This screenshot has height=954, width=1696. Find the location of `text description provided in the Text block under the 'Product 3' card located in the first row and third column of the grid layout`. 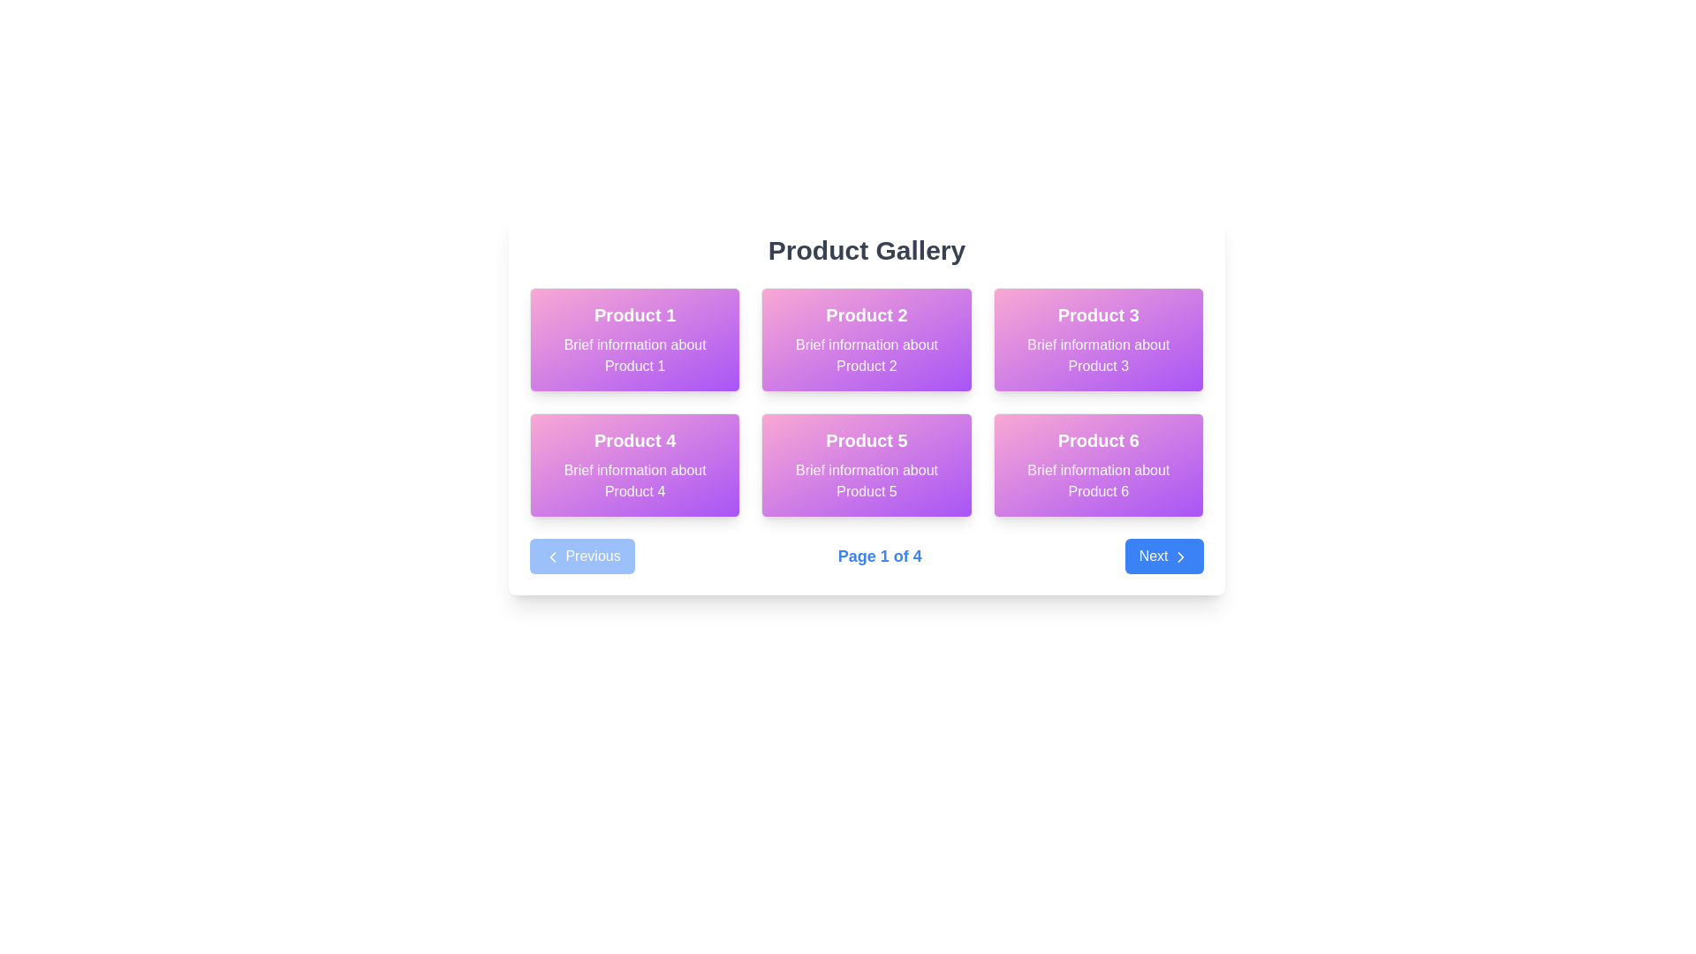

text description provided in the Text block under the 'Product 3' card located in the first row and third column of the grid layout is located at coordinates (1097, 355).